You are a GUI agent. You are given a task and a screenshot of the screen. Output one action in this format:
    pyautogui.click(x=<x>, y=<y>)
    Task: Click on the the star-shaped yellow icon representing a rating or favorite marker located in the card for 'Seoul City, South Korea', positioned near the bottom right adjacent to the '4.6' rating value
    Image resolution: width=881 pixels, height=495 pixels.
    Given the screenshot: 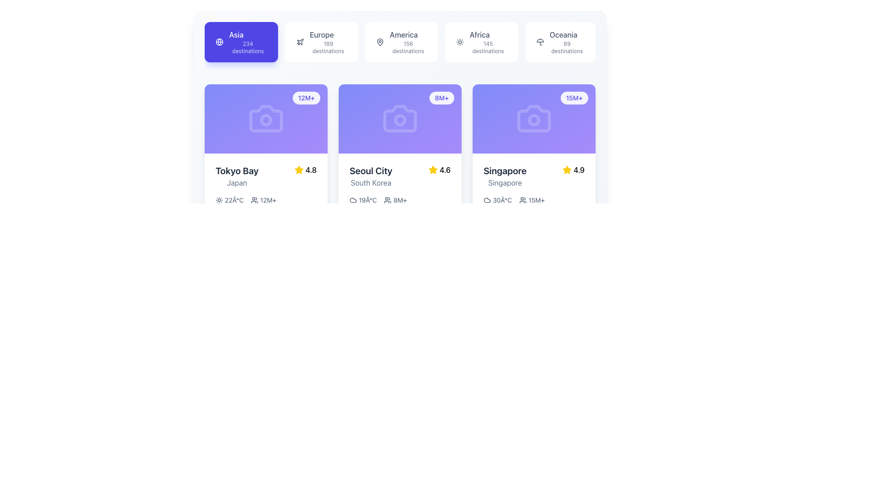 What is the action you would take?
    pyautogui.click(x=299, y=170)
    